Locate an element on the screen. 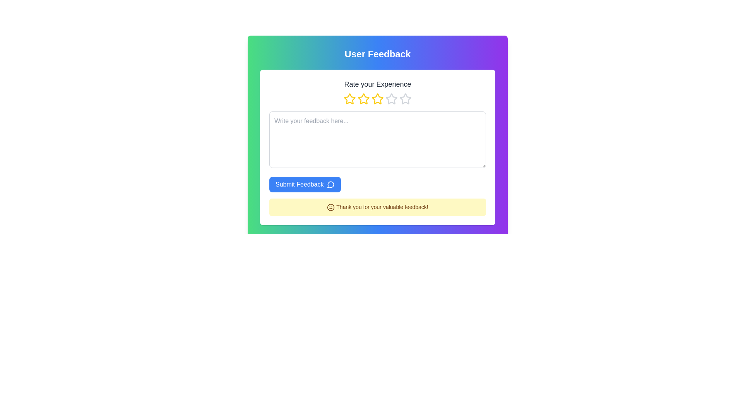 The width and height of the screenshot is (743, 418). on the second star icon in the Interactive Rating Icon section is located at coordinates (363, 98).